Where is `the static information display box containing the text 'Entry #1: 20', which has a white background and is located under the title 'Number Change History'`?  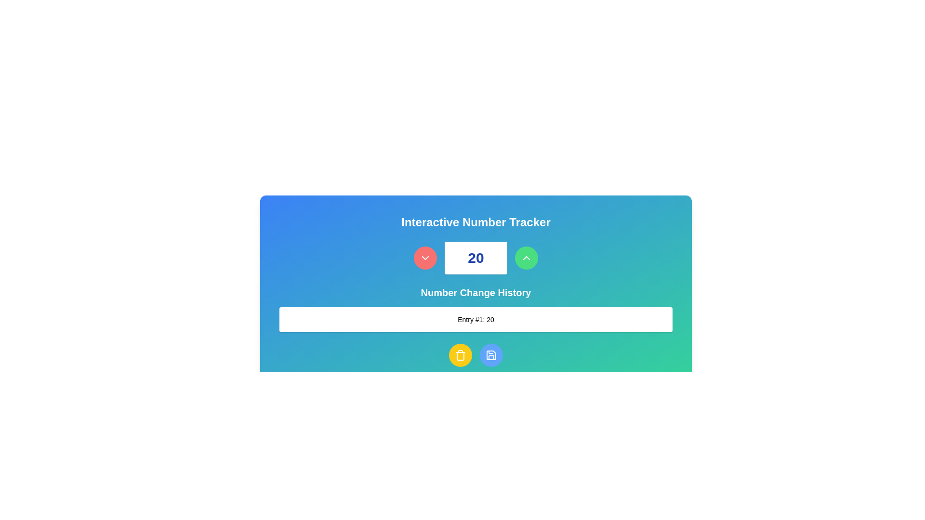 the static information display box containing the text 'Entry #1: 20', which has a white background and is located under the title 'Number Change History' is located at coordinates (476, 319).